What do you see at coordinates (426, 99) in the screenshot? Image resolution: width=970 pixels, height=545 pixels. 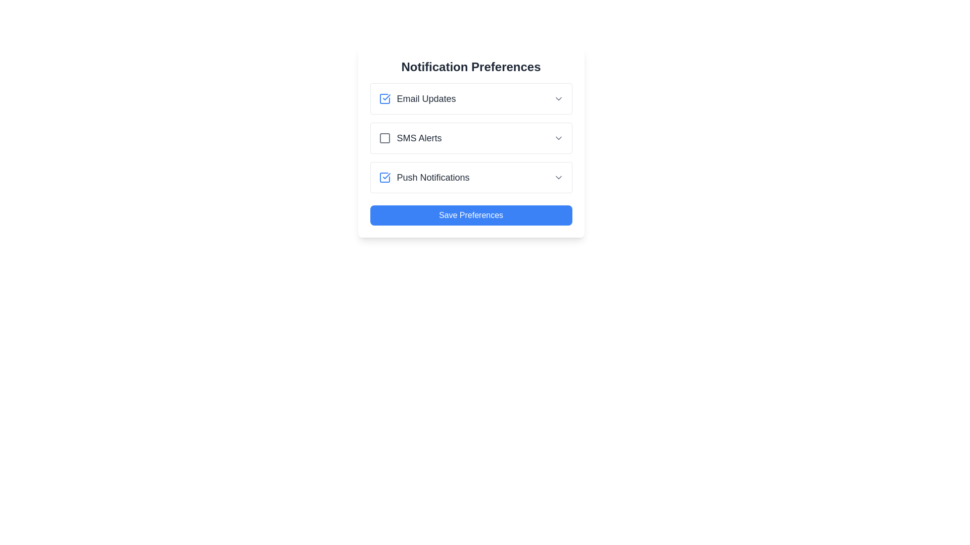 I see `text displayed on the label adjacent to the checkbox for email updates, which is located to the right of the checkbox and above the 'SMS Alerts' label in the notification preferences list` at bounding box center [426, 99].